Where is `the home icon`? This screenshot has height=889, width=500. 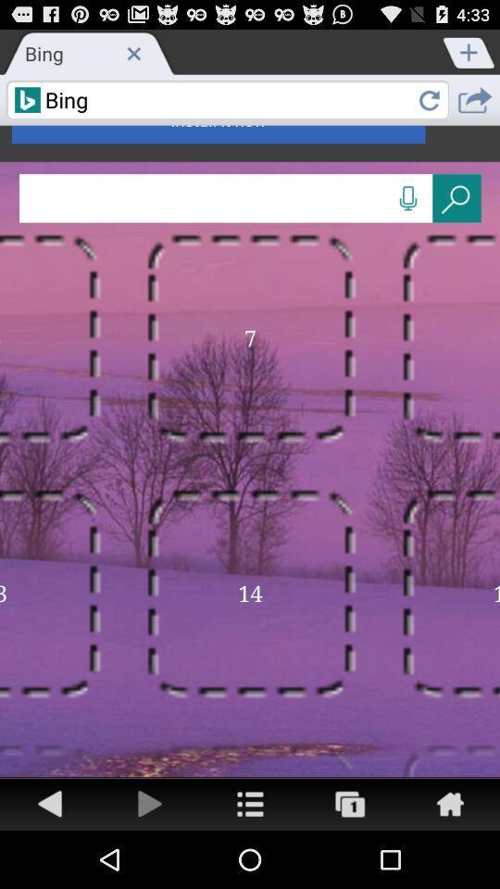 the home icon is located at coordinates (449, 859).